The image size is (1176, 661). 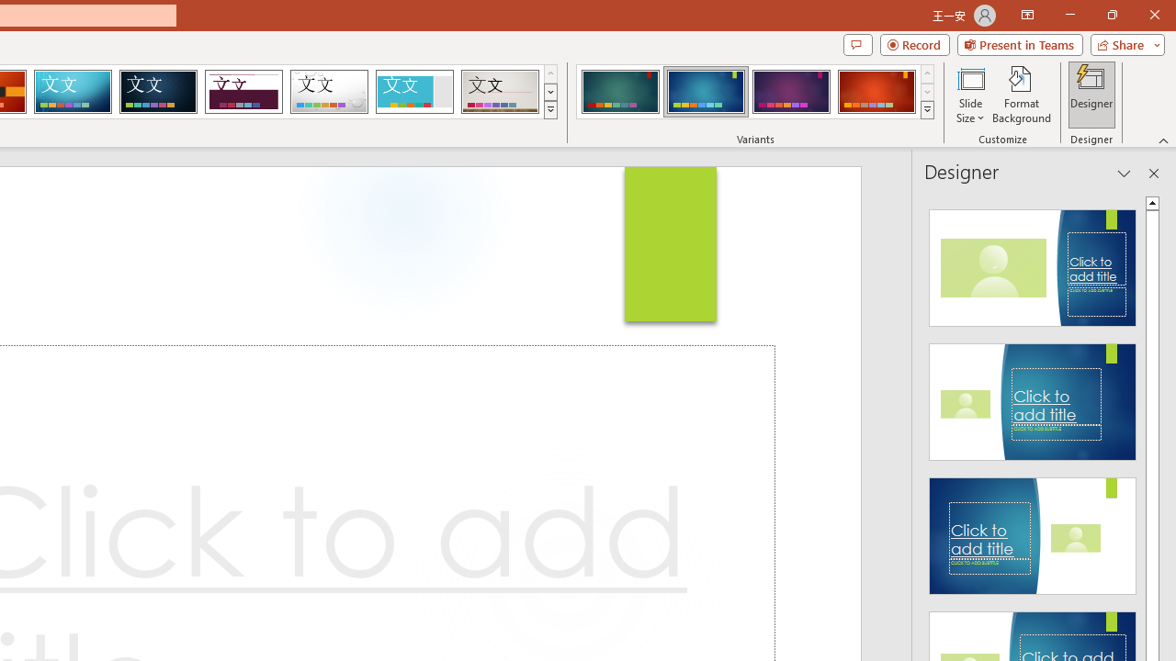 I want to click on 'Comments', so click(x=856, y=43).